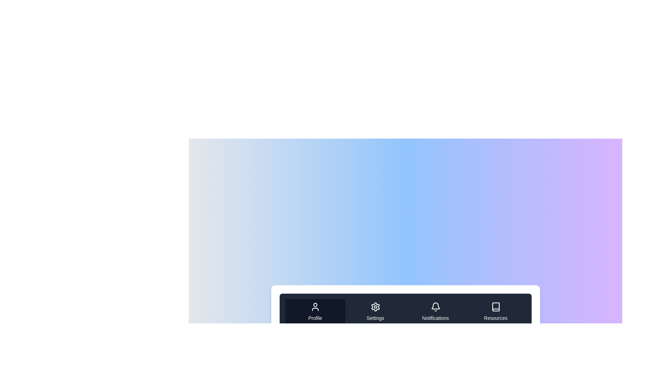  What do you see at coordinates (315, 311) in the screenshot?
I see `the tab labeled Profile to navigate to its content` at bounding box center [315, 311].